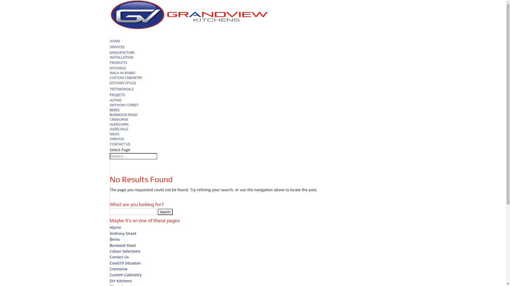 The width and height of the screenshot is (510, 286). What do you see at coordinates (120, 280) in the screenshot?
I see `'DIY Kitchens'` at bounding box center [120, 280].